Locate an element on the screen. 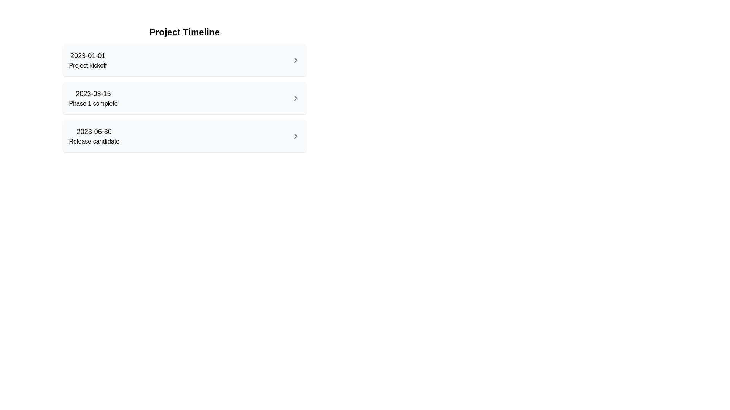  the chevron icon button located on the far right of the list item displaying '2023-03-15 Phase 1 complete' is located at coordinates (295, 98).